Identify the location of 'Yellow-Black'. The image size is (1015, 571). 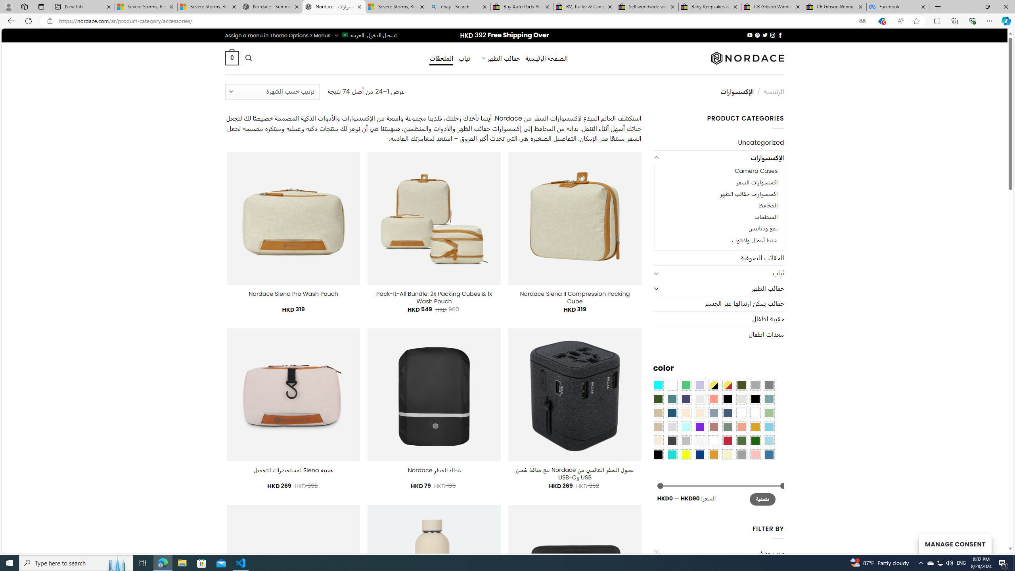
(713, 384).